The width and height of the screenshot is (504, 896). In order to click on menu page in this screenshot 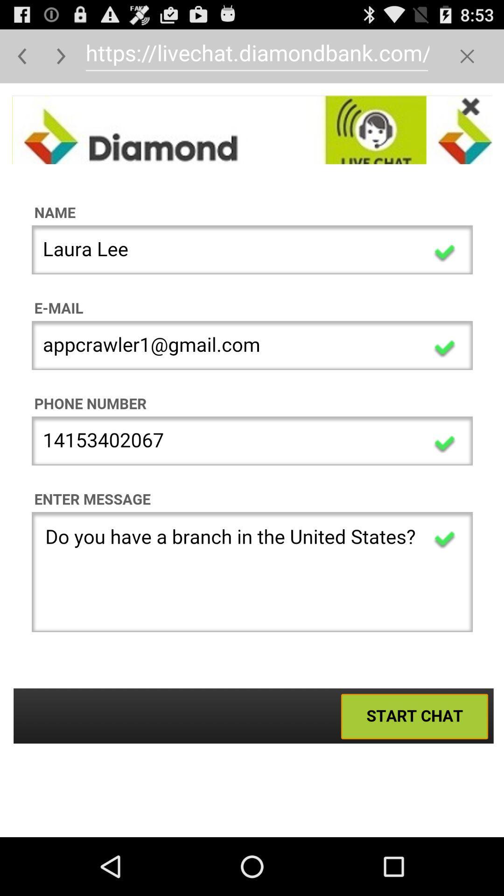, I will do `click(467, 56)`.